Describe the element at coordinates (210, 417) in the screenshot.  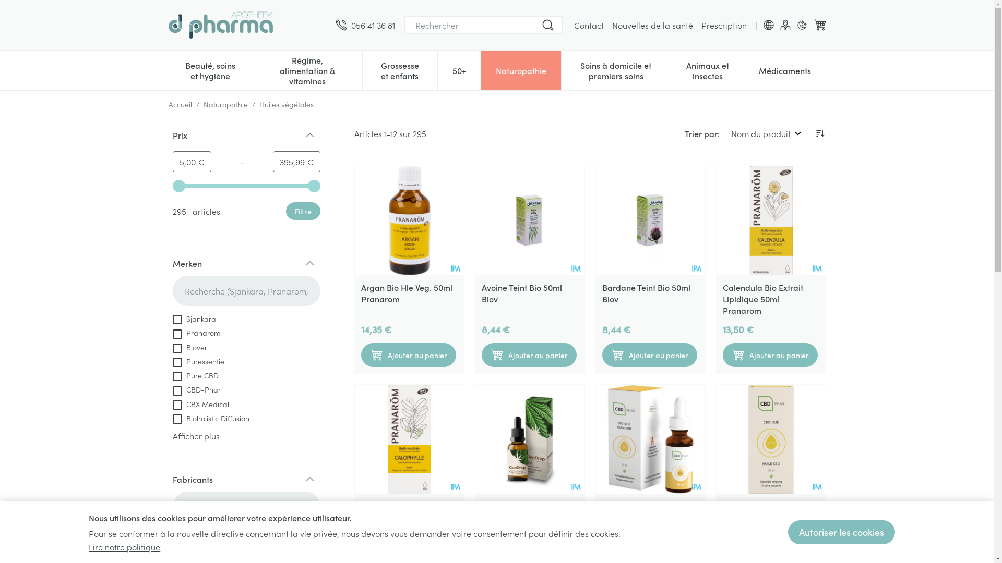
I see `'Bioholistic Diffusion'` at that location.